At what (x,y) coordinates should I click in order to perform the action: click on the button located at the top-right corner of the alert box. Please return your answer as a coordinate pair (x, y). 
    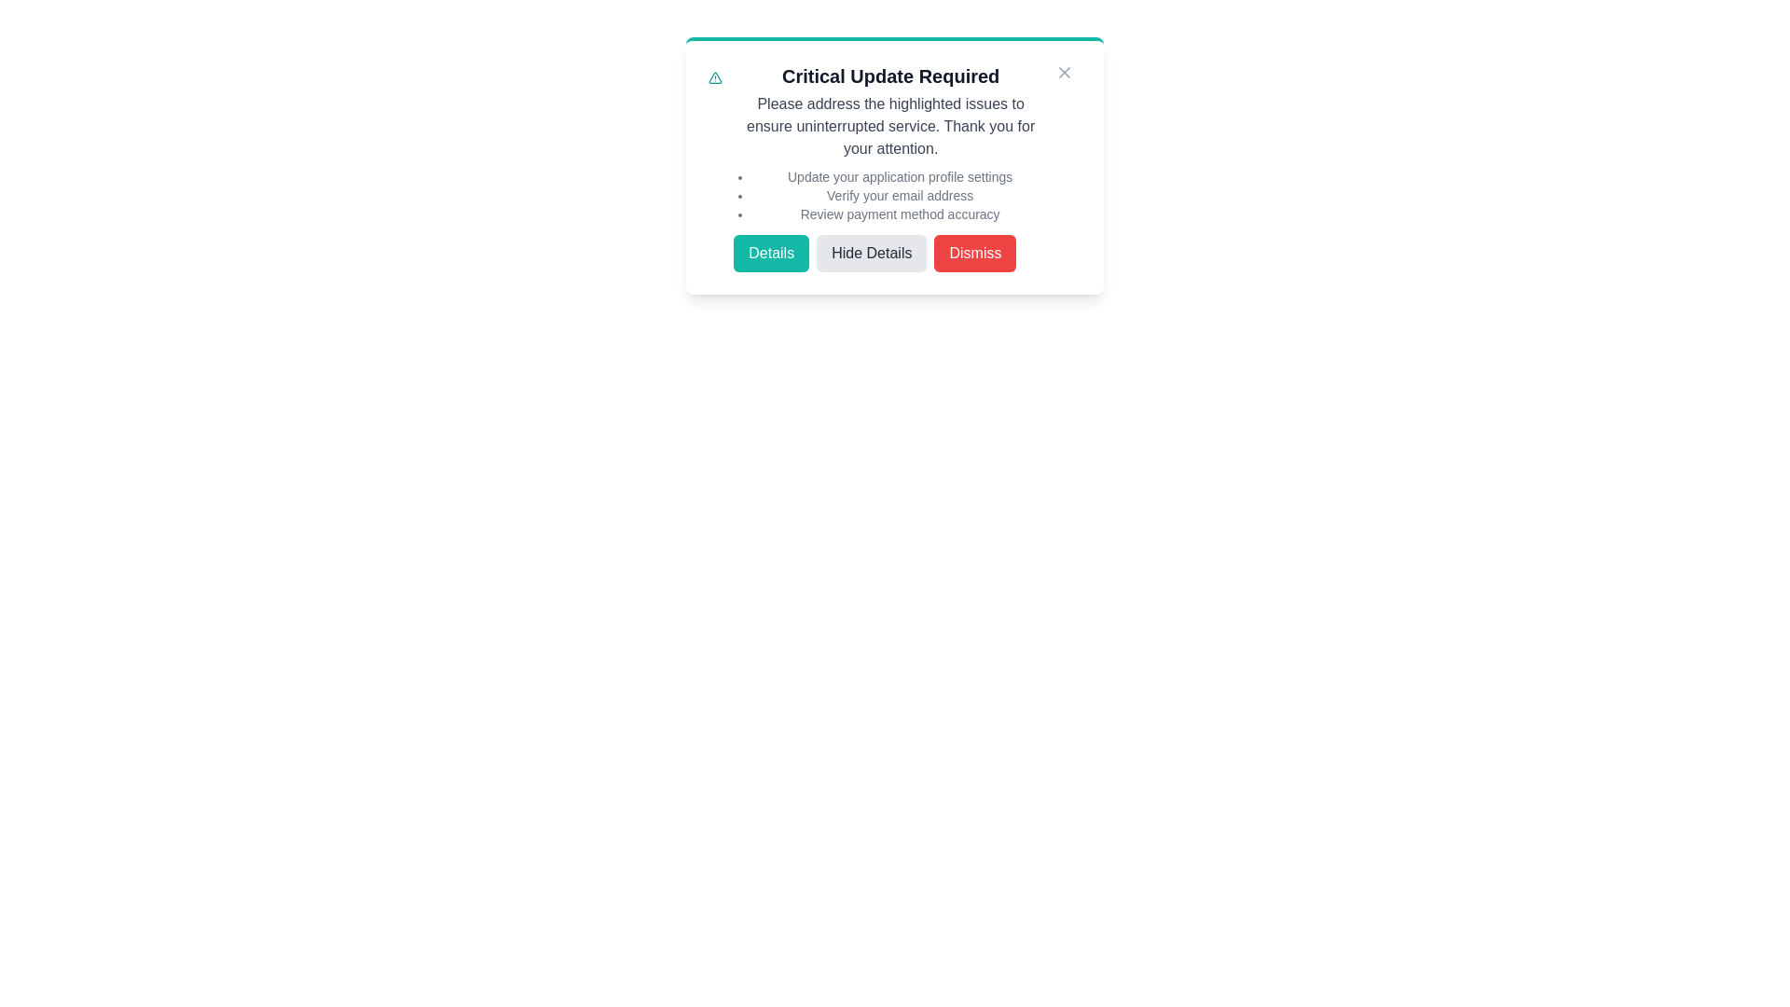
    Looking at the image, I should click on (1065, 71).